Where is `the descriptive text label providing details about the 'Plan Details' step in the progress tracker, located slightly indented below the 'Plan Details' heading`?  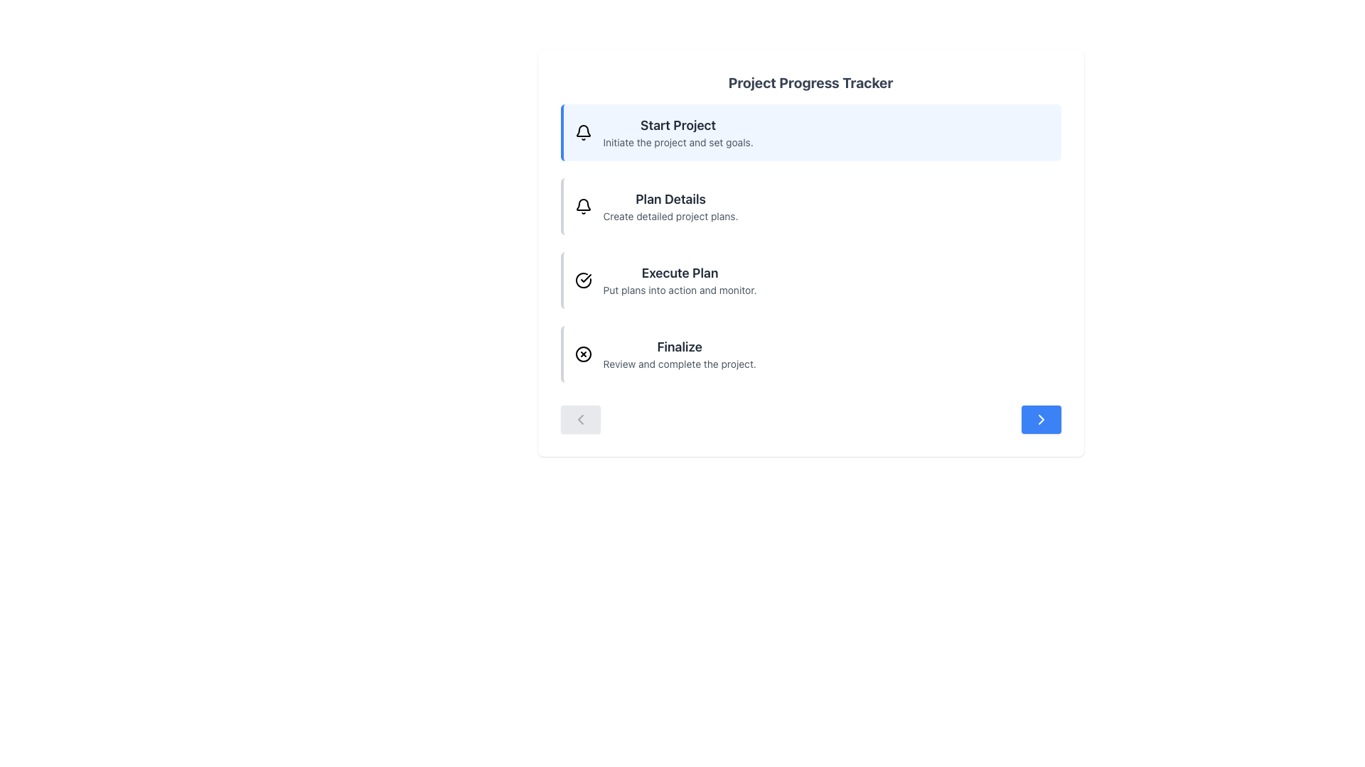
the descriptive text label providing details about the 'Plan Details' step in the progress tracker, located slightly indented below the 'Plan Details' heading is located at coordinates (670, 216).